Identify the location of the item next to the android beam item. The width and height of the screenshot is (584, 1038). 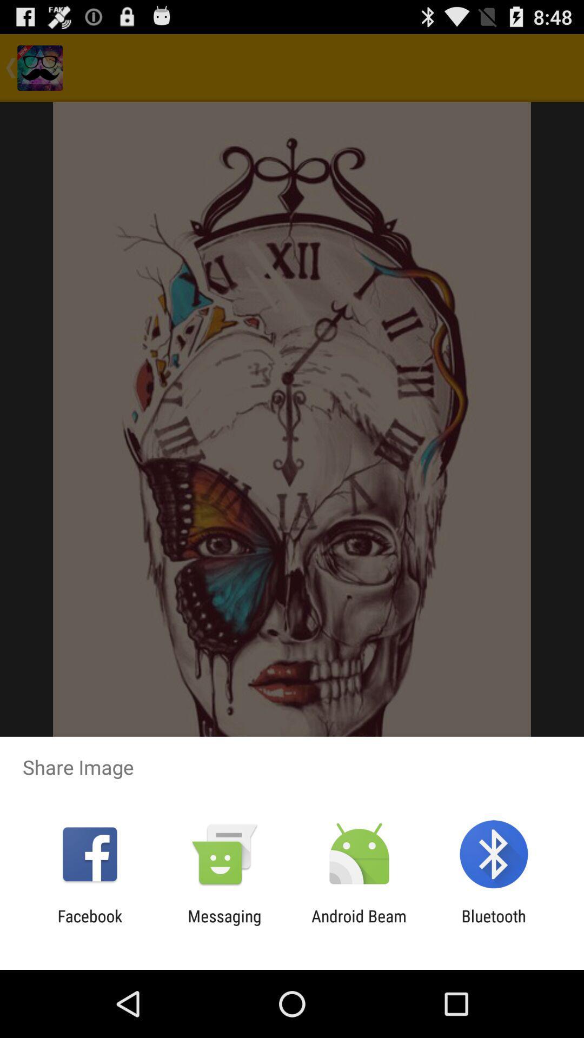
(224, 925).